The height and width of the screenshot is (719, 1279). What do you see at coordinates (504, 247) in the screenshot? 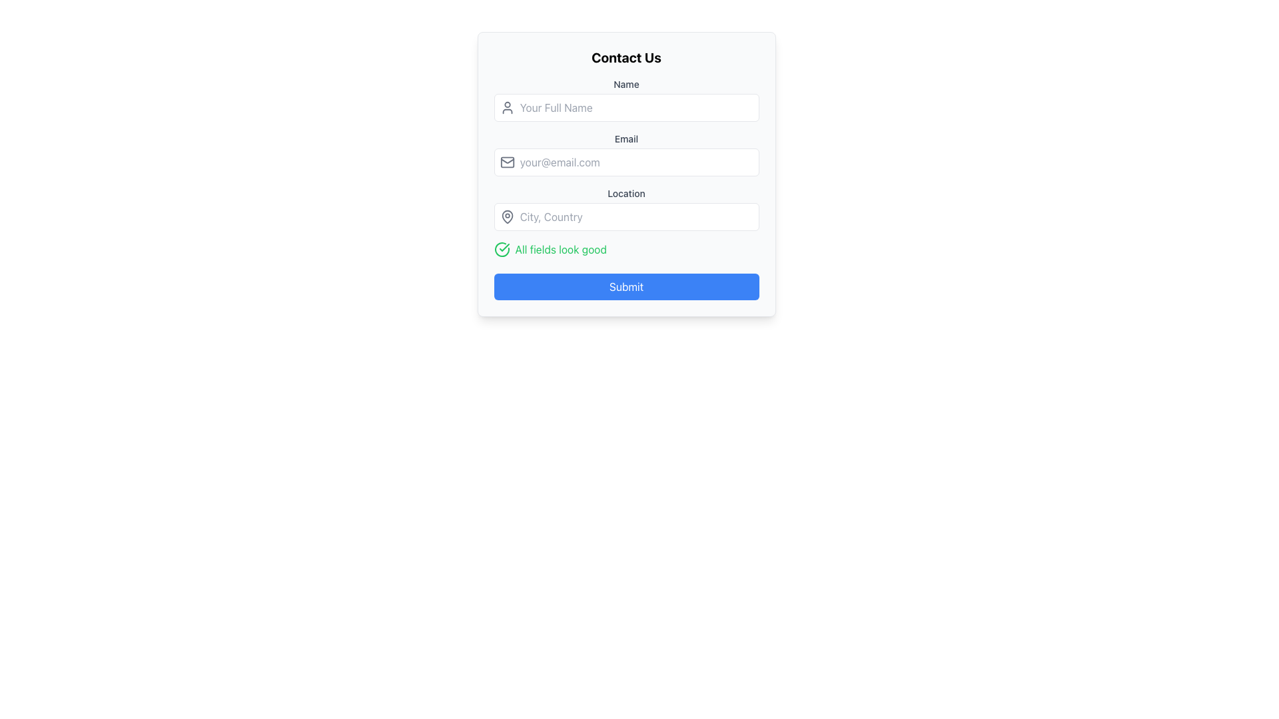
I see `green checkmark icon within the circle icon, which indicates success or completion, located above the 'Submit' button` at bounding box center [504, 247].